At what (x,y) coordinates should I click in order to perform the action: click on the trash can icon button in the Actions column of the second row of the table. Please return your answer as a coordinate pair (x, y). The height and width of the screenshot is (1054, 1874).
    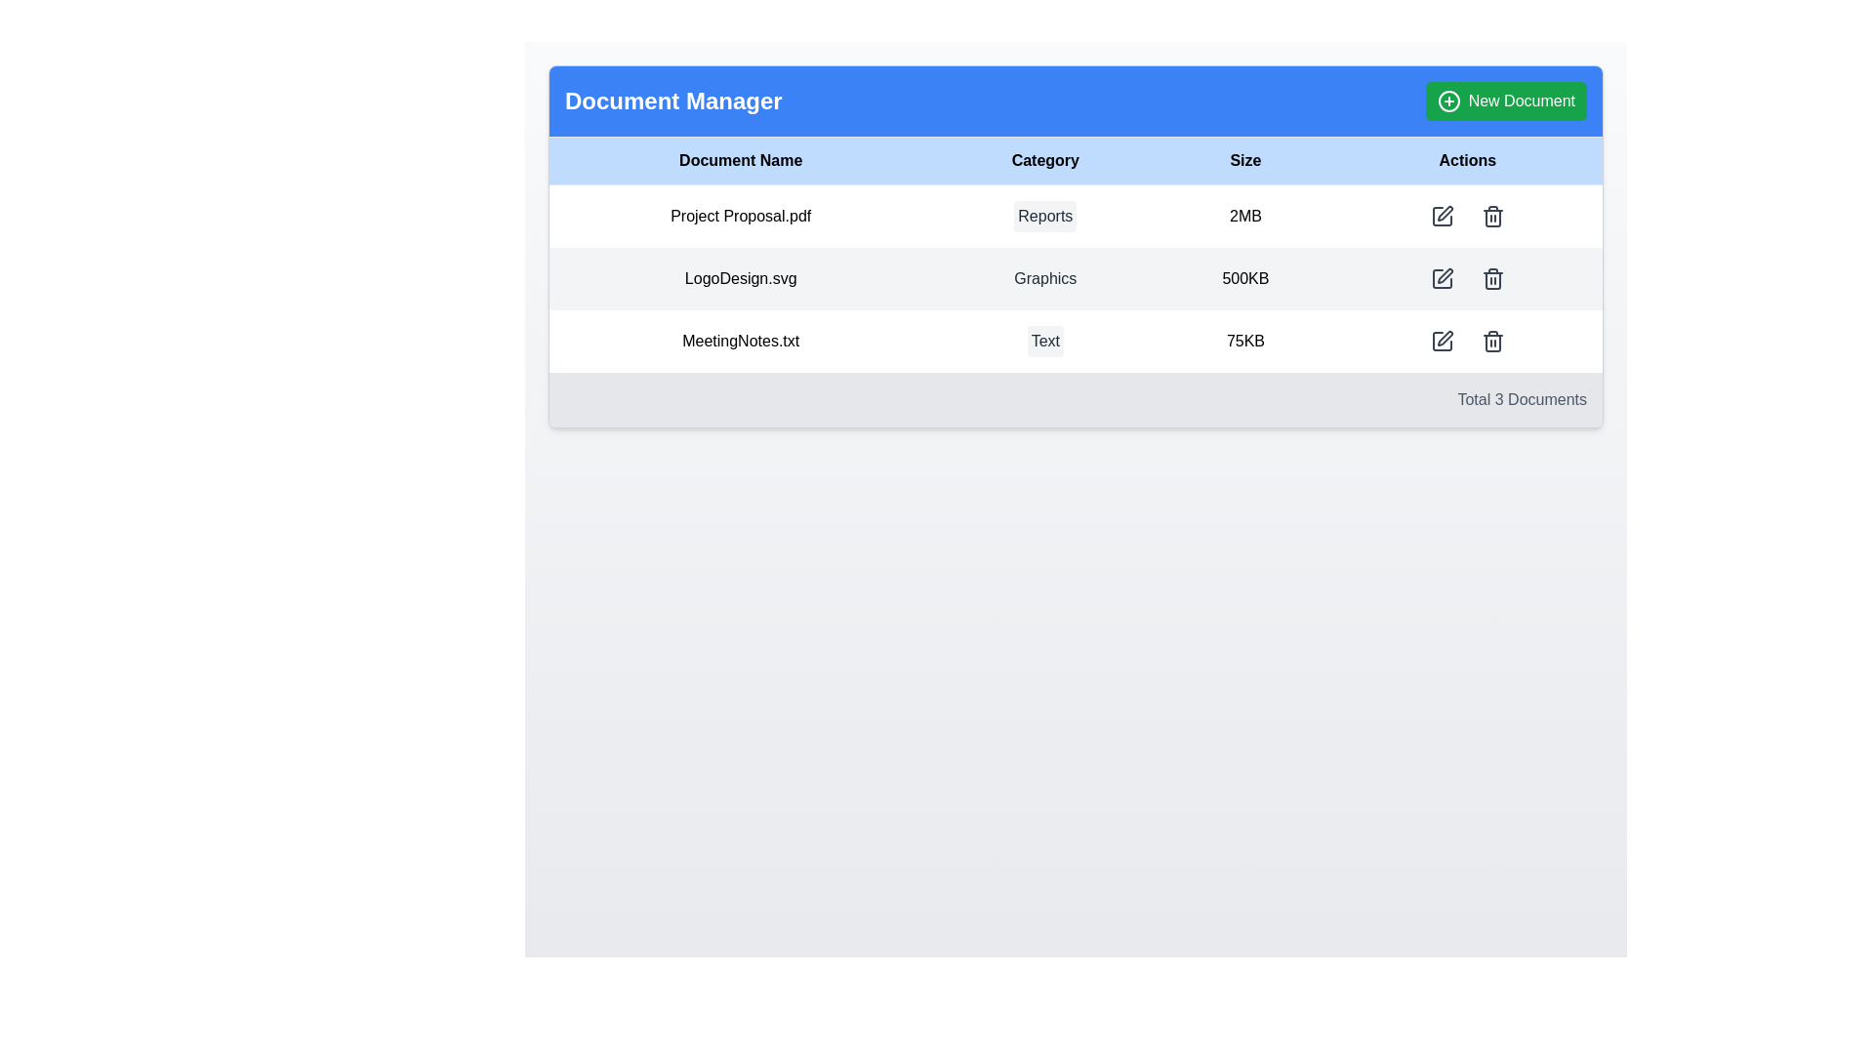
    Looking at the image, I should click on (1491, 278).